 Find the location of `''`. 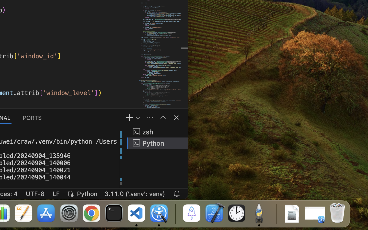

'' is located at coordinates (176, 117).